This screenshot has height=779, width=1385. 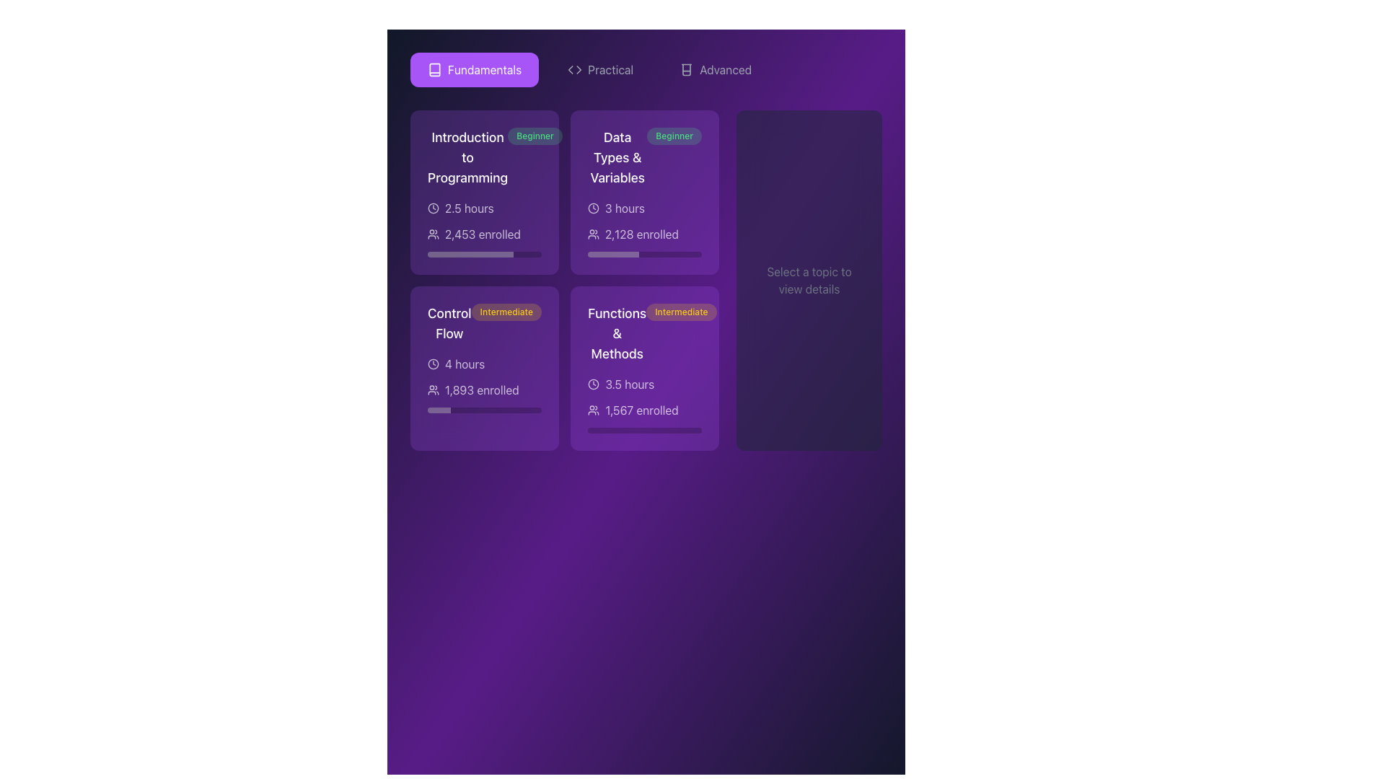 What do you see at coordinates (535, 136) in the screenshot?
I see `the skill level label that indicates 'Beginner', which is a semi-transparent green rounded rectangular label located in the top-right corner of the 'Introduction to Programming' card` at bounding box center [535, 136].